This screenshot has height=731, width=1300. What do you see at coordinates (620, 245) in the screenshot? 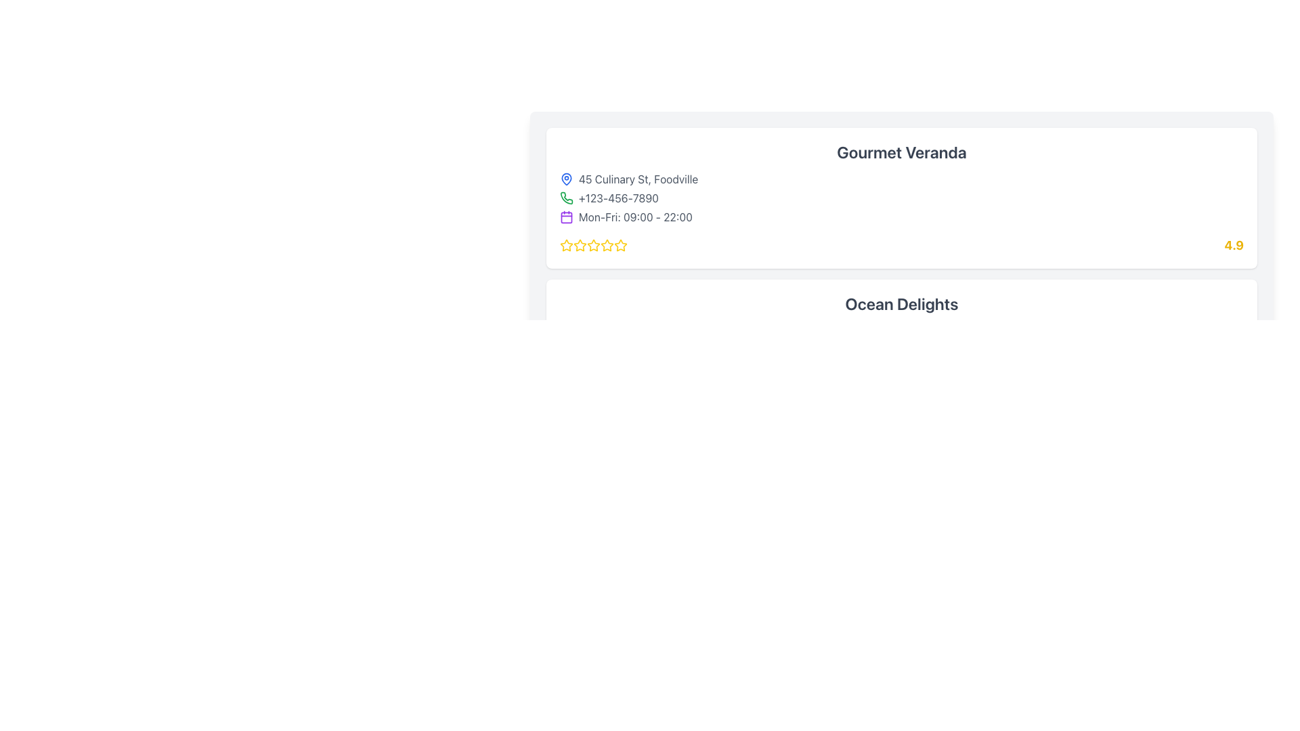
I see `the fifth star icon in the 5-star rating system used for user feedback on the 'Gourmet Veranda' card` at bounding box center [620, 245].